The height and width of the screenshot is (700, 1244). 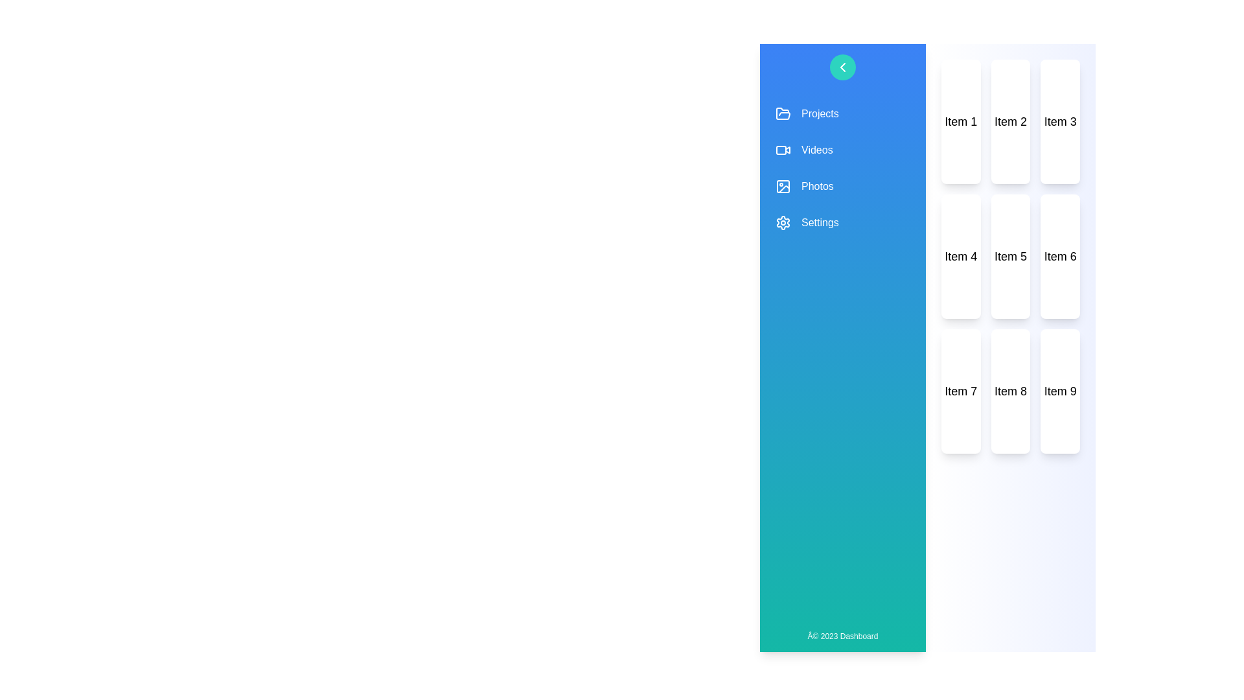 I want to click on the sidebar menu item labeled Settings, so click(x=842, y=222).